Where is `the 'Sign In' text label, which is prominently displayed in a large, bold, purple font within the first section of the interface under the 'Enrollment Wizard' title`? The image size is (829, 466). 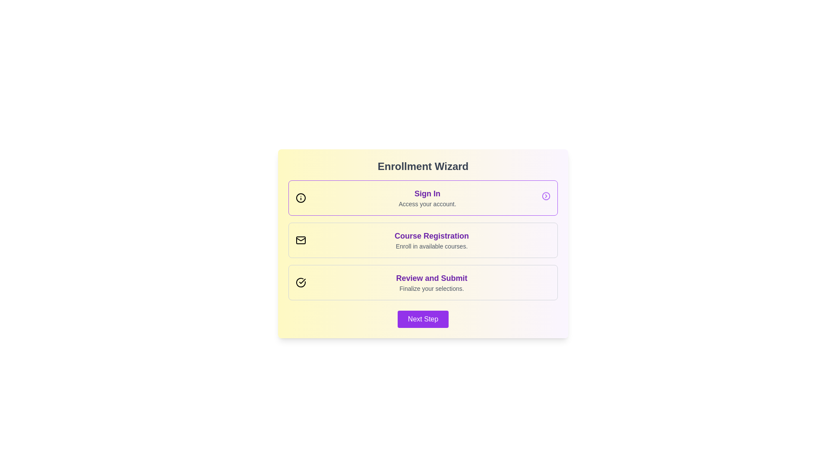
the 'Sign In' text label, which is prominently displayed in a large, bold, purple font within the first section of the interface under the 'Enrollment Wizard' title is located at coordinates (427, 193).